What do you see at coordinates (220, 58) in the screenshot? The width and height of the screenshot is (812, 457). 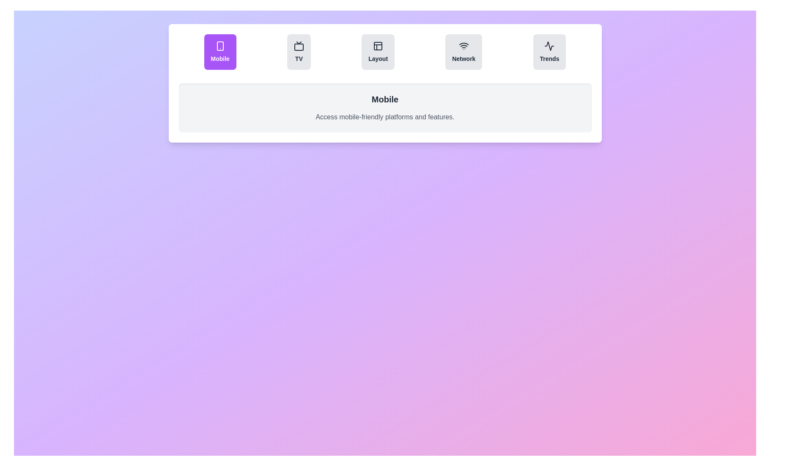 I see `the 'Mobile' label, which is located at the bottom of the group section, directly below the smartphone icon` at bounding box center [220, 58].